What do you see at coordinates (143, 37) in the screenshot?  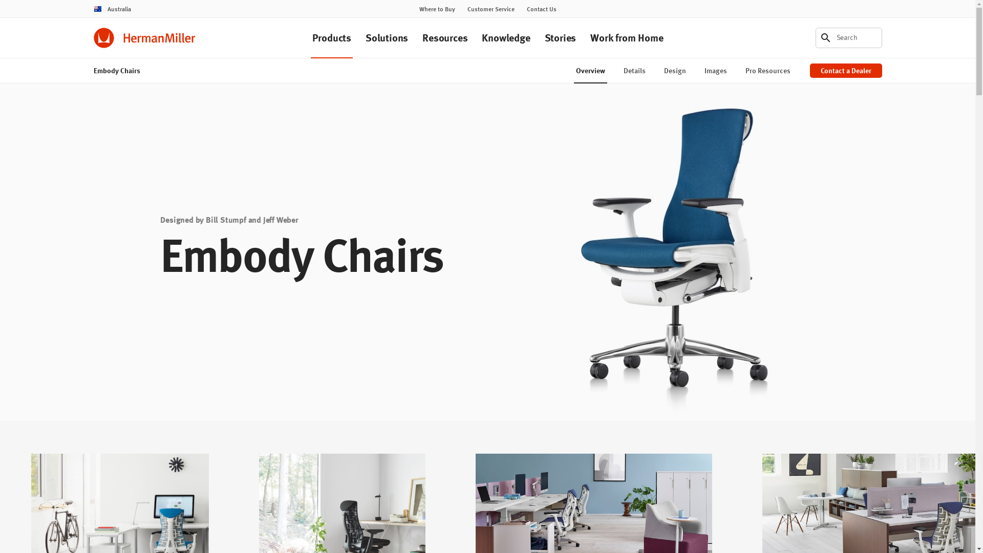 I see `'Herman Miller'` at bounding box center [143, 37].